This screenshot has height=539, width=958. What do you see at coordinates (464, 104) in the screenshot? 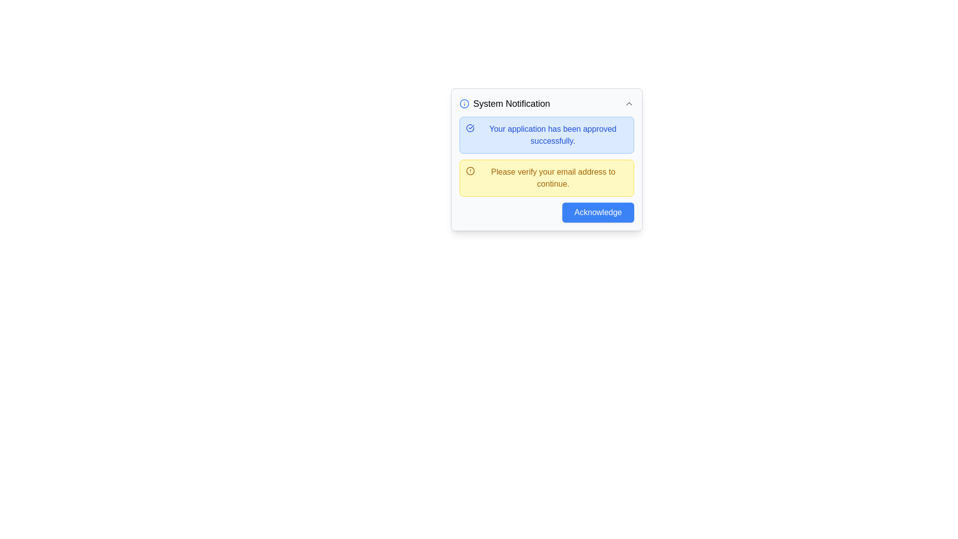
I see `the blue circular icon with a smaller blue dot at its center, which is located to the left of the text 'System Notification' in the notification panel` at bounding box center [464, 104].